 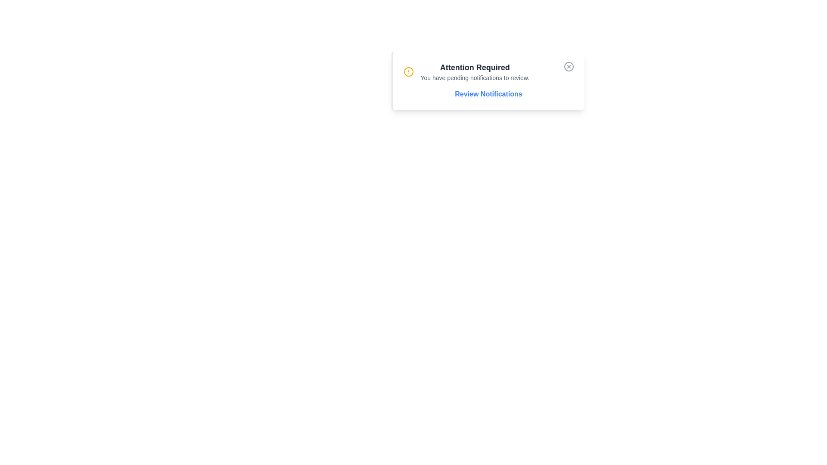 What do you see at coordinates (488, 94) in the screenshot?
I see `the 'Review Notifications' hyperlink, which is styled in blue with an underline and located at the bottom of a notification card with the heading 'Attention Required'` at bounding box center [488, 94].